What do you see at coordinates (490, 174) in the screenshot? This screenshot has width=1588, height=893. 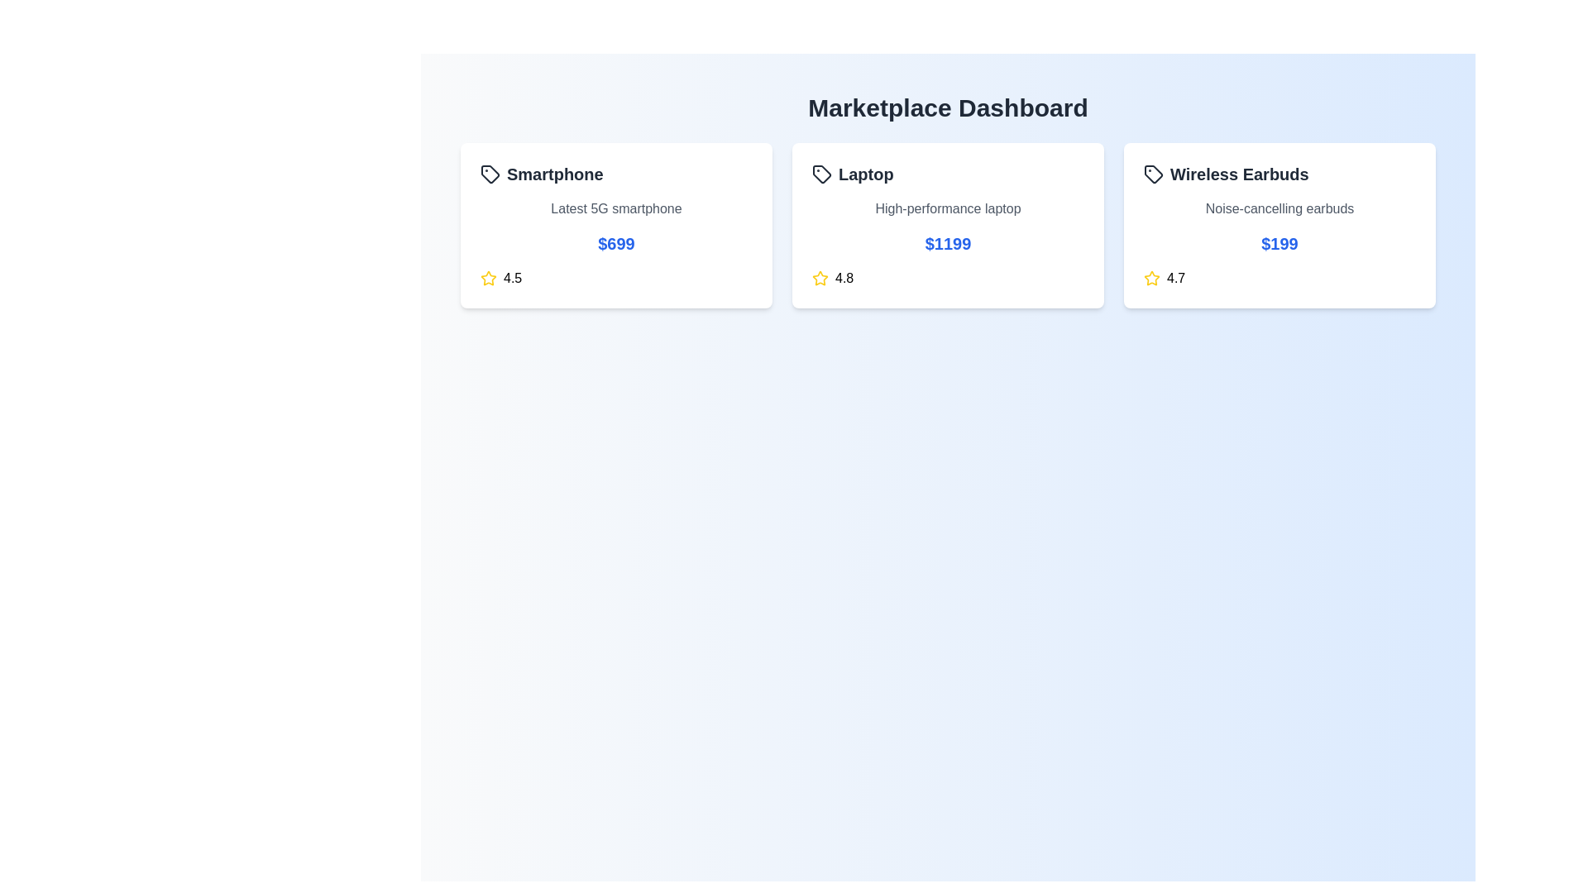 I see `the minimalist tag icon located at the beginning of the 'Smartphone' text element on the first card in the row of cards` at bounding box center [490, 174].